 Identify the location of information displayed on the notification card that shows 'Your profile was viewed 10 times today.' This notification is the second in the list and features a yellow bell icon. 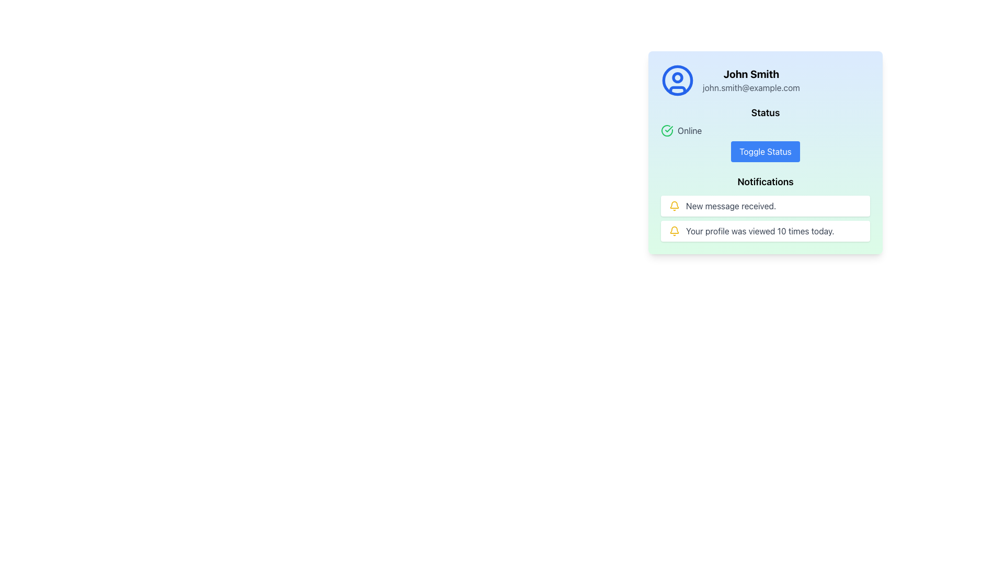
(766, 218).